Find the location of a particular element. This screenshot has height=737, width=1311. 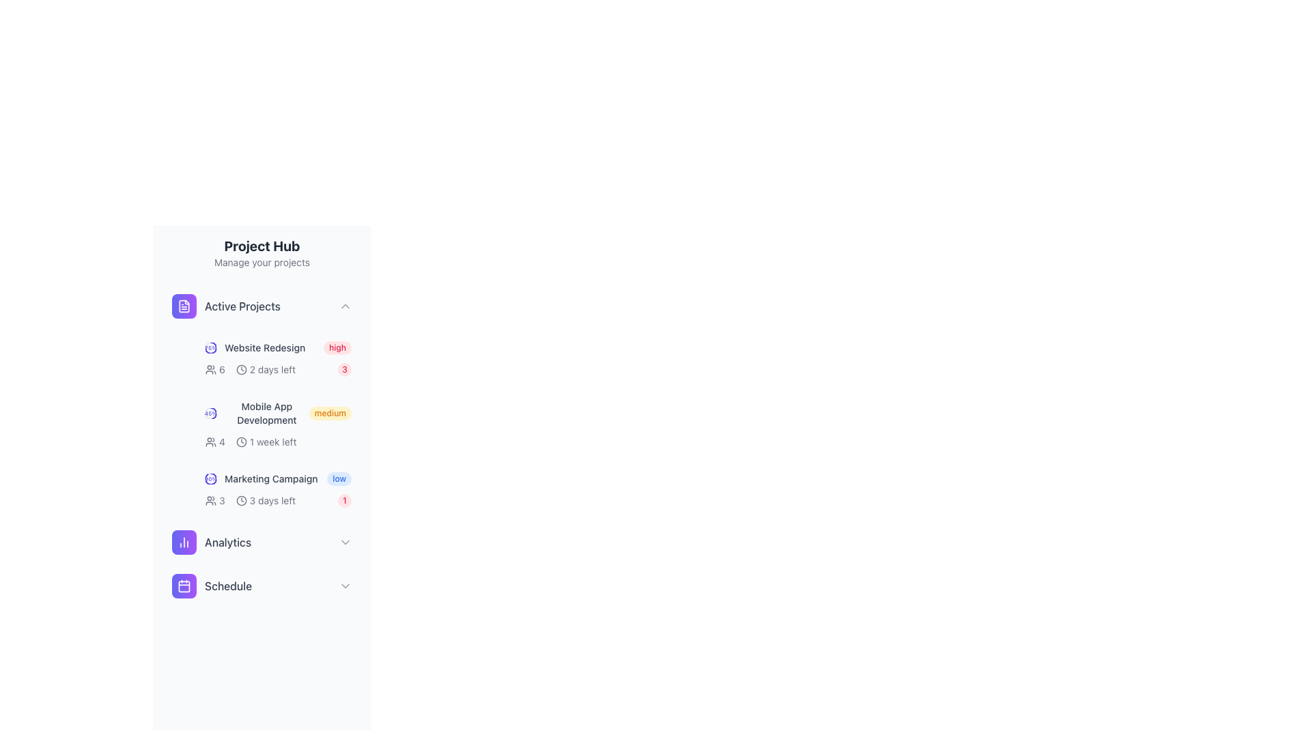

the text label with a badge highlight that displays the name and priority level of a project in the 'Project Hub' section is located at coordinates (278, 347).